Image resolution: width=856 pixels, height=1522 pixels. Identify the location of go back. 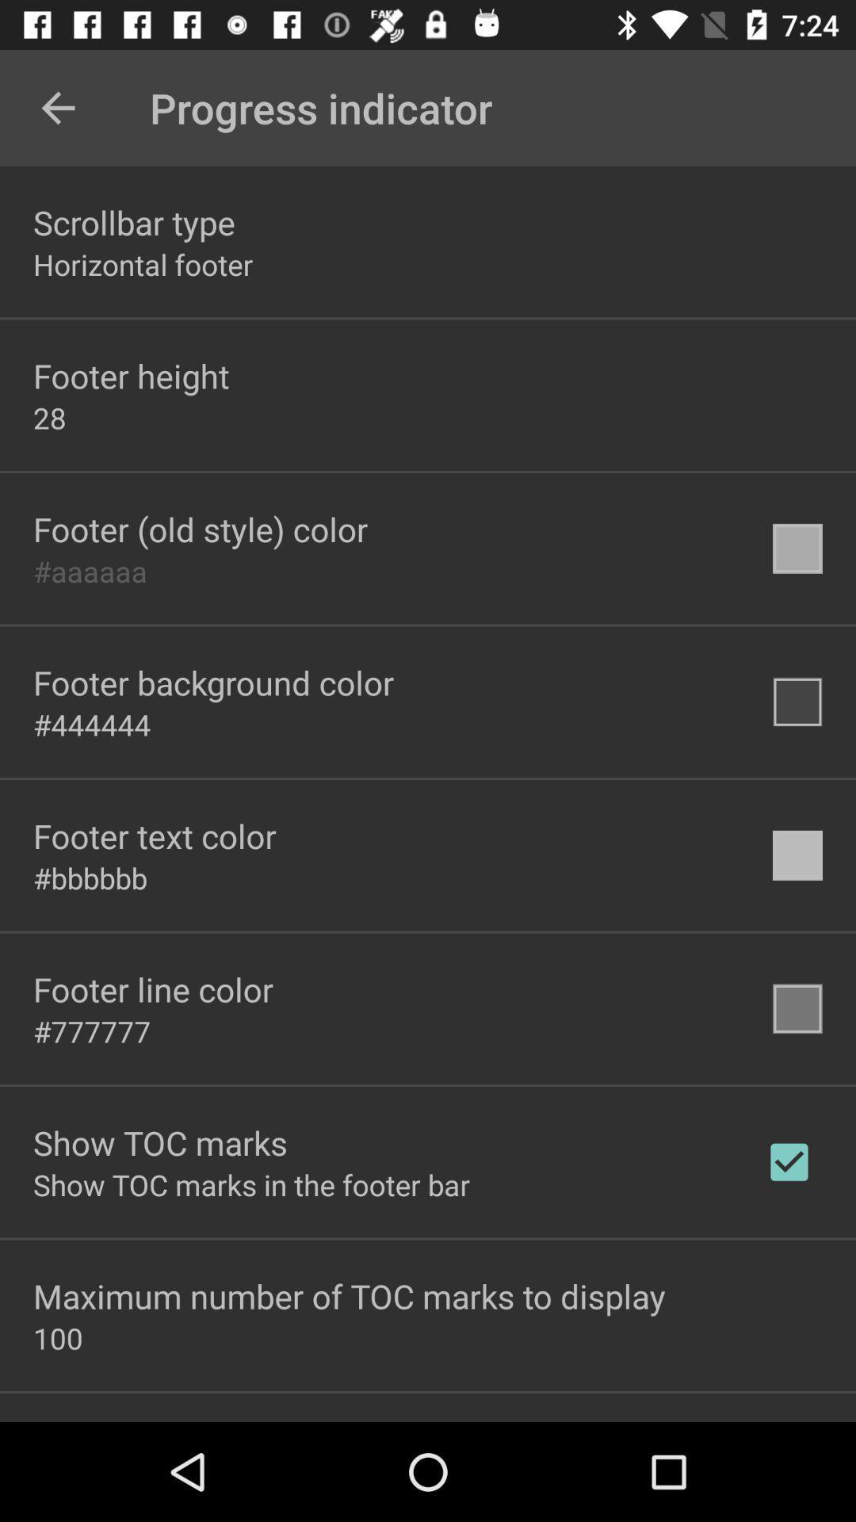
(57, 107).